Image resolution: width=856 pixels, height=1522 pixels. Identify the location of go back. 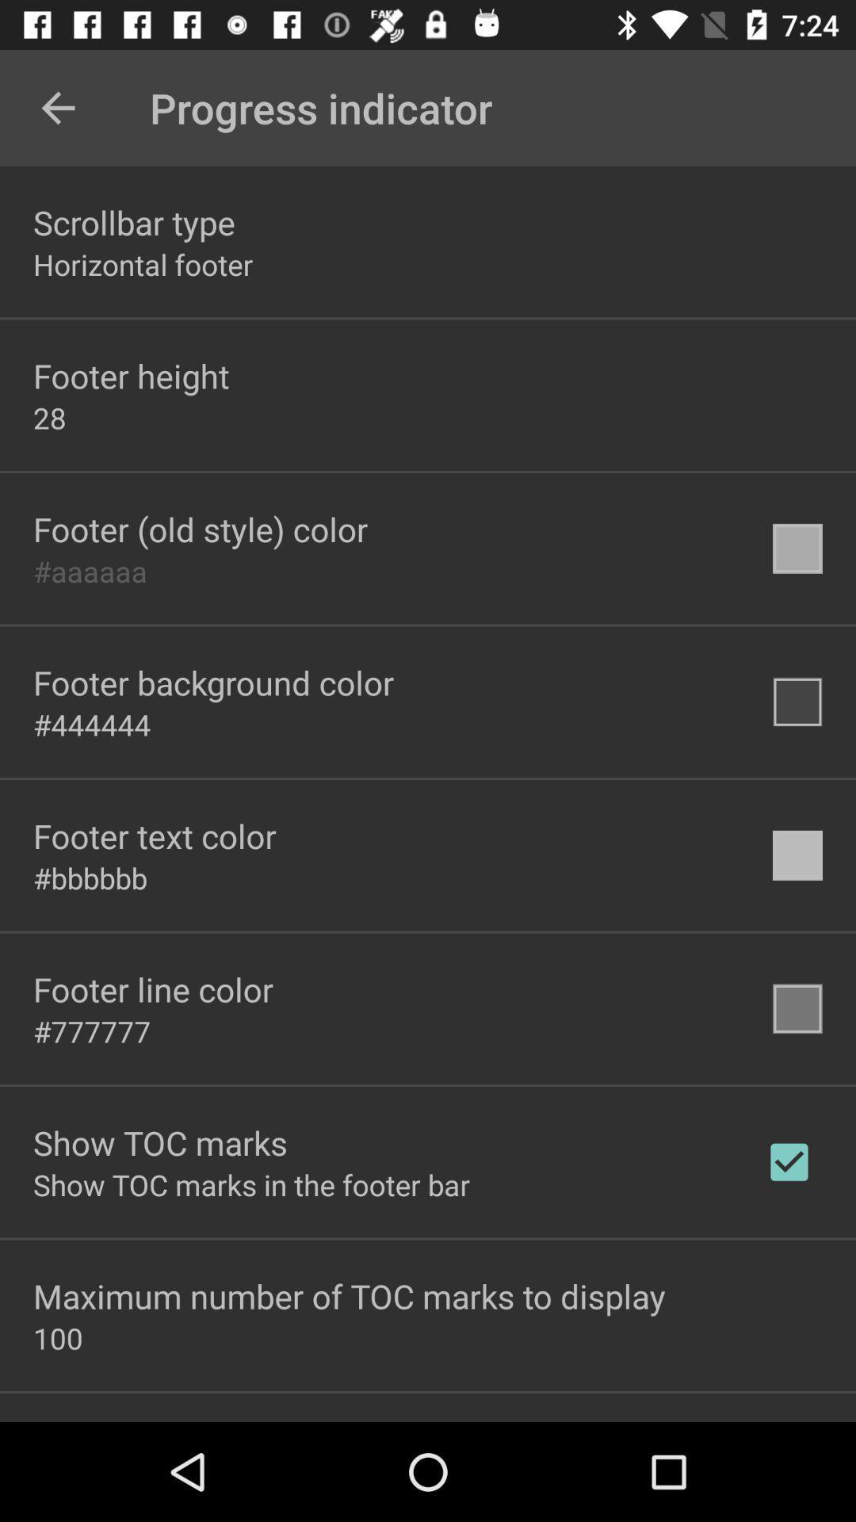
(57, 107).